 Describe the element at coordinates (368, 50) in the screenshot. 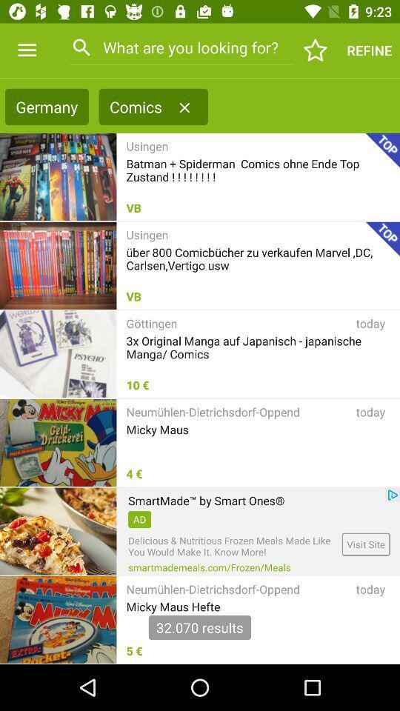

I see `the refine item` at that location.